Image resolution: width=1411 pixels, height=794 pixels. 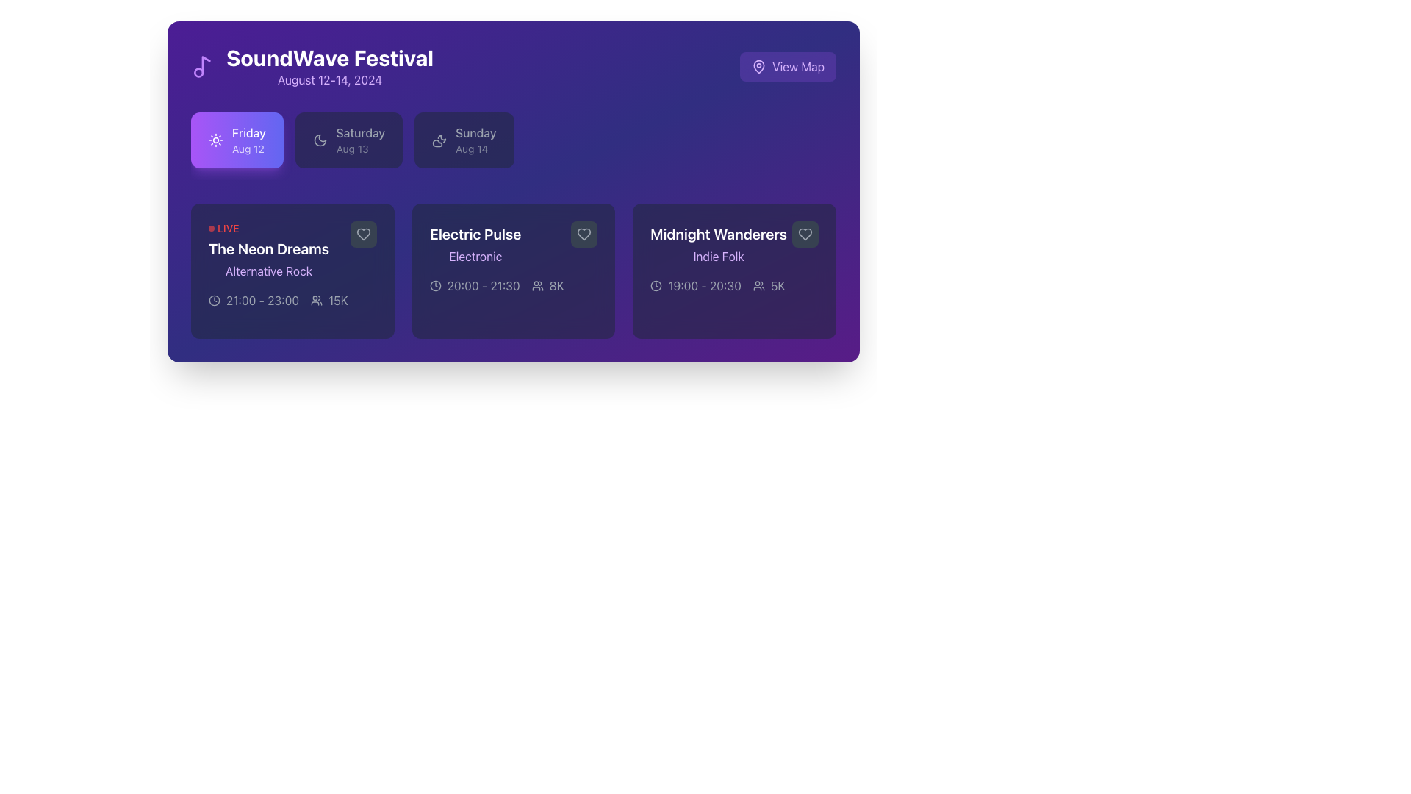 I want to click on the icon button located in the top-right corner of the 'Midnight Wanderers' card, so click(x=804, y=234).